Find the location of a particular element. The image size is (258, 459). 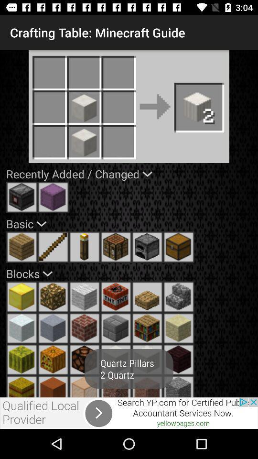

the edit icon is located at coordinates (53, 246).